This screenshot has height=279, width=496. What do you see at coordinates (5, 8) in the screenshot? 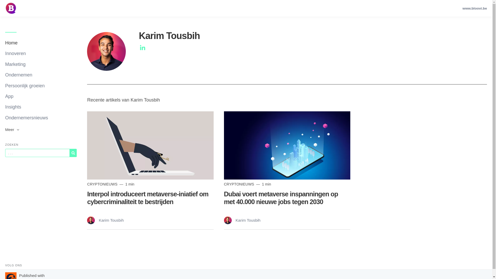
I see `'Bloovi'` at bounding box center [5, 8].